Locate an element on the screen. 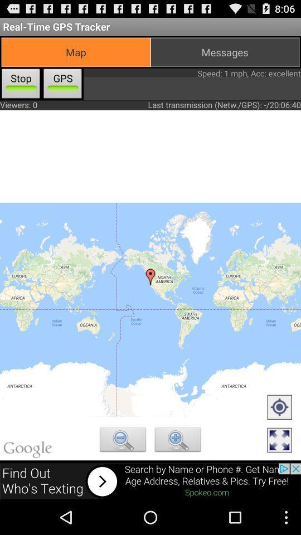  show your location icon is located at coordinates (279, 407).